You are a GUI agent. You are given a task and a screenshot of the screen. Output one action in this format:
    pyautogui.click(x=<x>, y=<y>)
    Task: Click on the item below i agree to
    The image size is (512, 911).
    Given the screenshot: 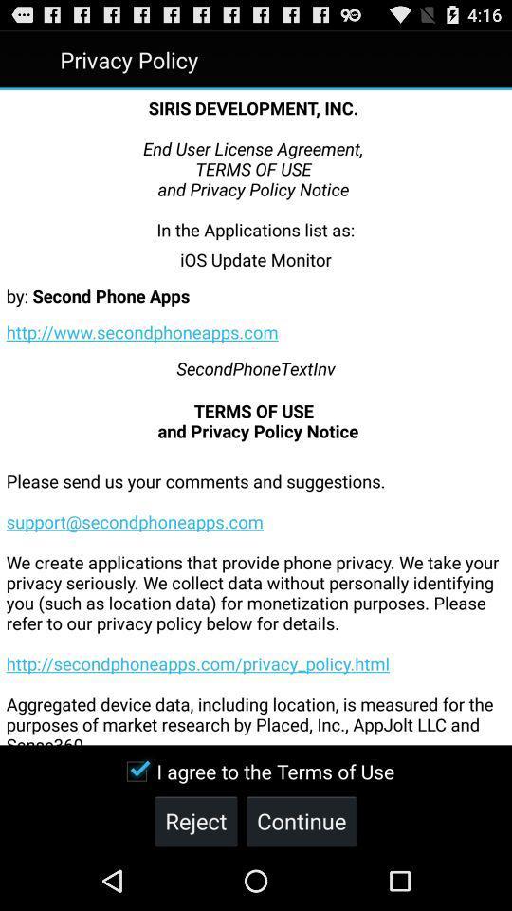 What is the action you would take?
    pyautogui.click(x=302, y=820)
    